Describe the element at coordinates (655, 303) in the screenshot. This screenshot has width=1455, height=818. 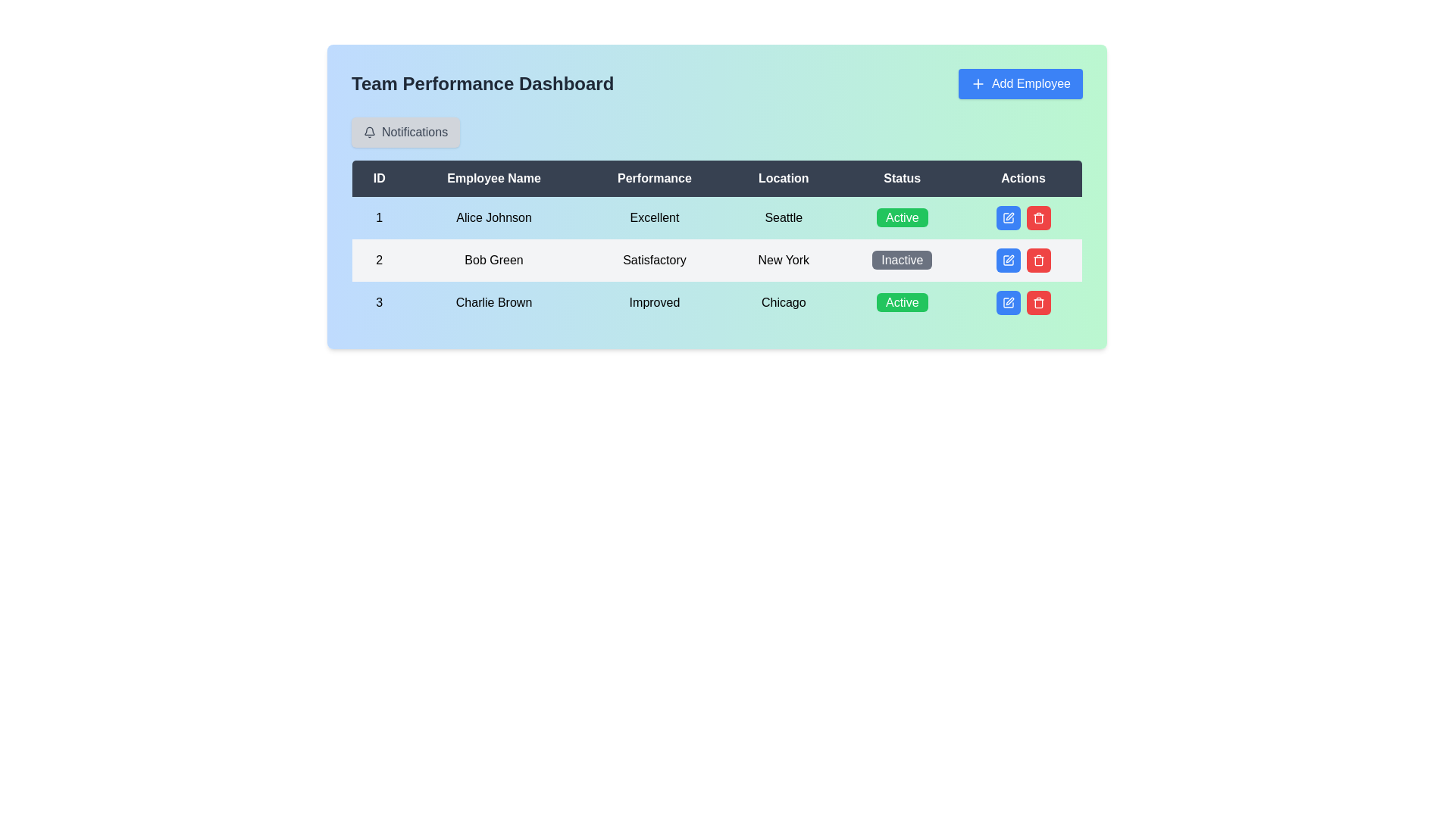
I see `the text label indicating the performance status 'Improved' for the employee 'Charlie Brown' in the Performance column of the table` at that location.